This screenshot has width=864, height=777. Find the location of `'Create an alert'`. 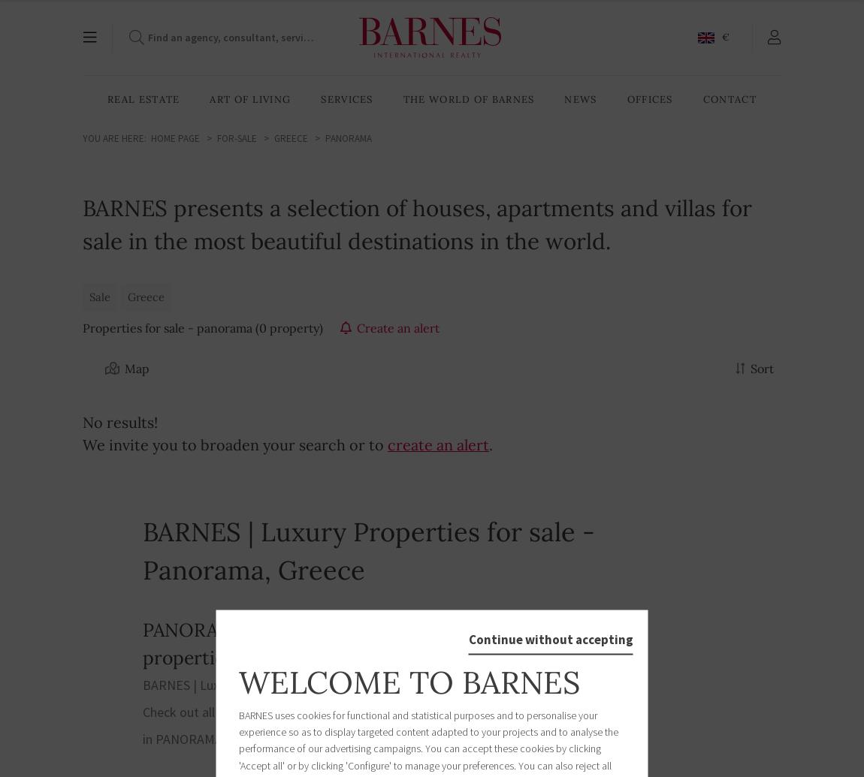

'Create an alert' is located at coordinates (356, 327).